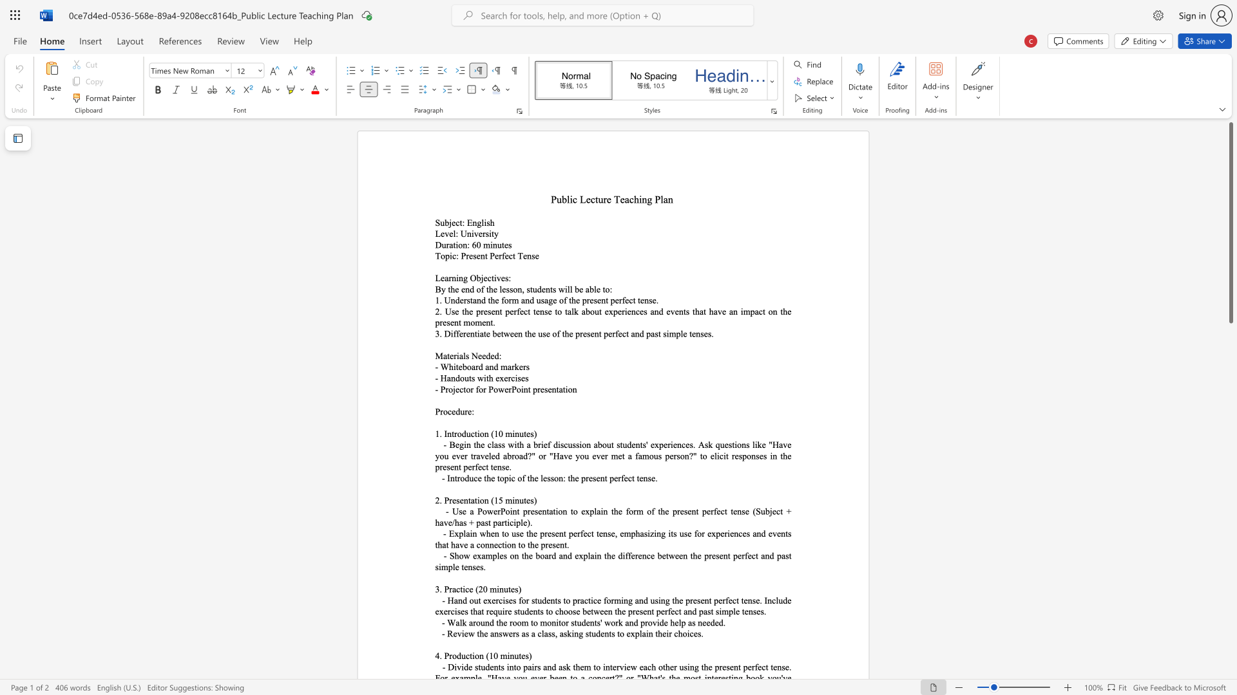  Describe the element at coordinates (1230, 385) in the screenshot. I see `the page's right scrollbar for downward movement` at that location.